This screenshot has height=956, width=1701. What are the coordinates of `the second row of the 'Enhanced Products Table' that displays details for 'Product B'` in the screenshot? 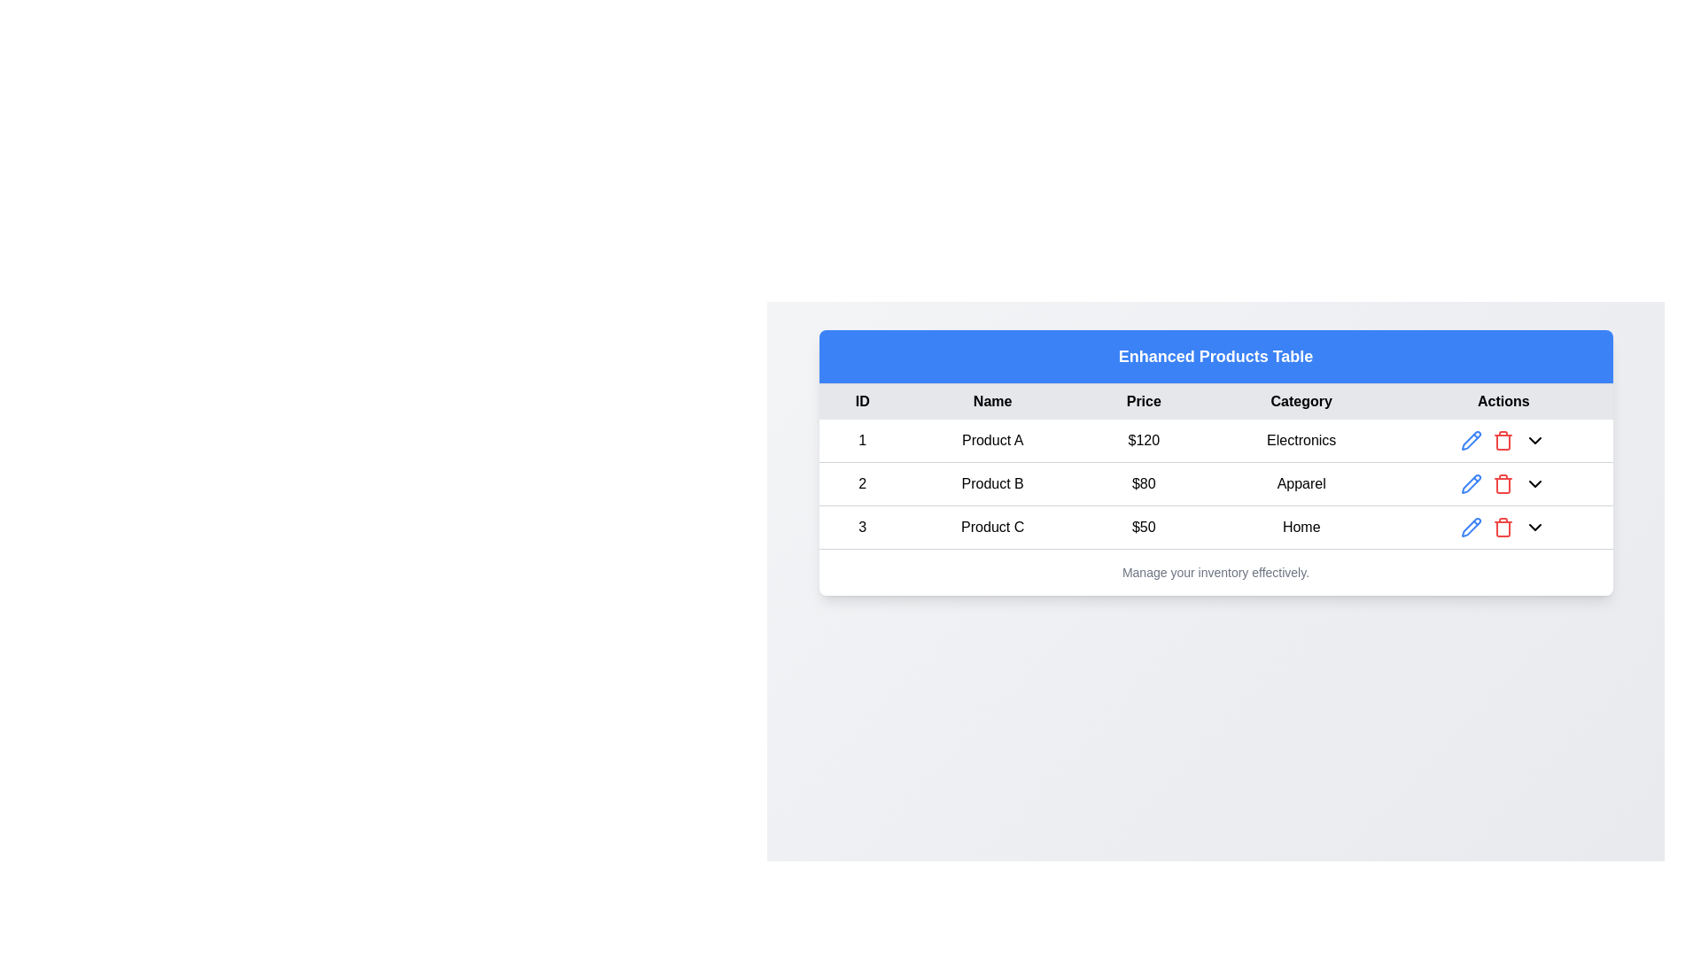 It's located at (1215, 484).